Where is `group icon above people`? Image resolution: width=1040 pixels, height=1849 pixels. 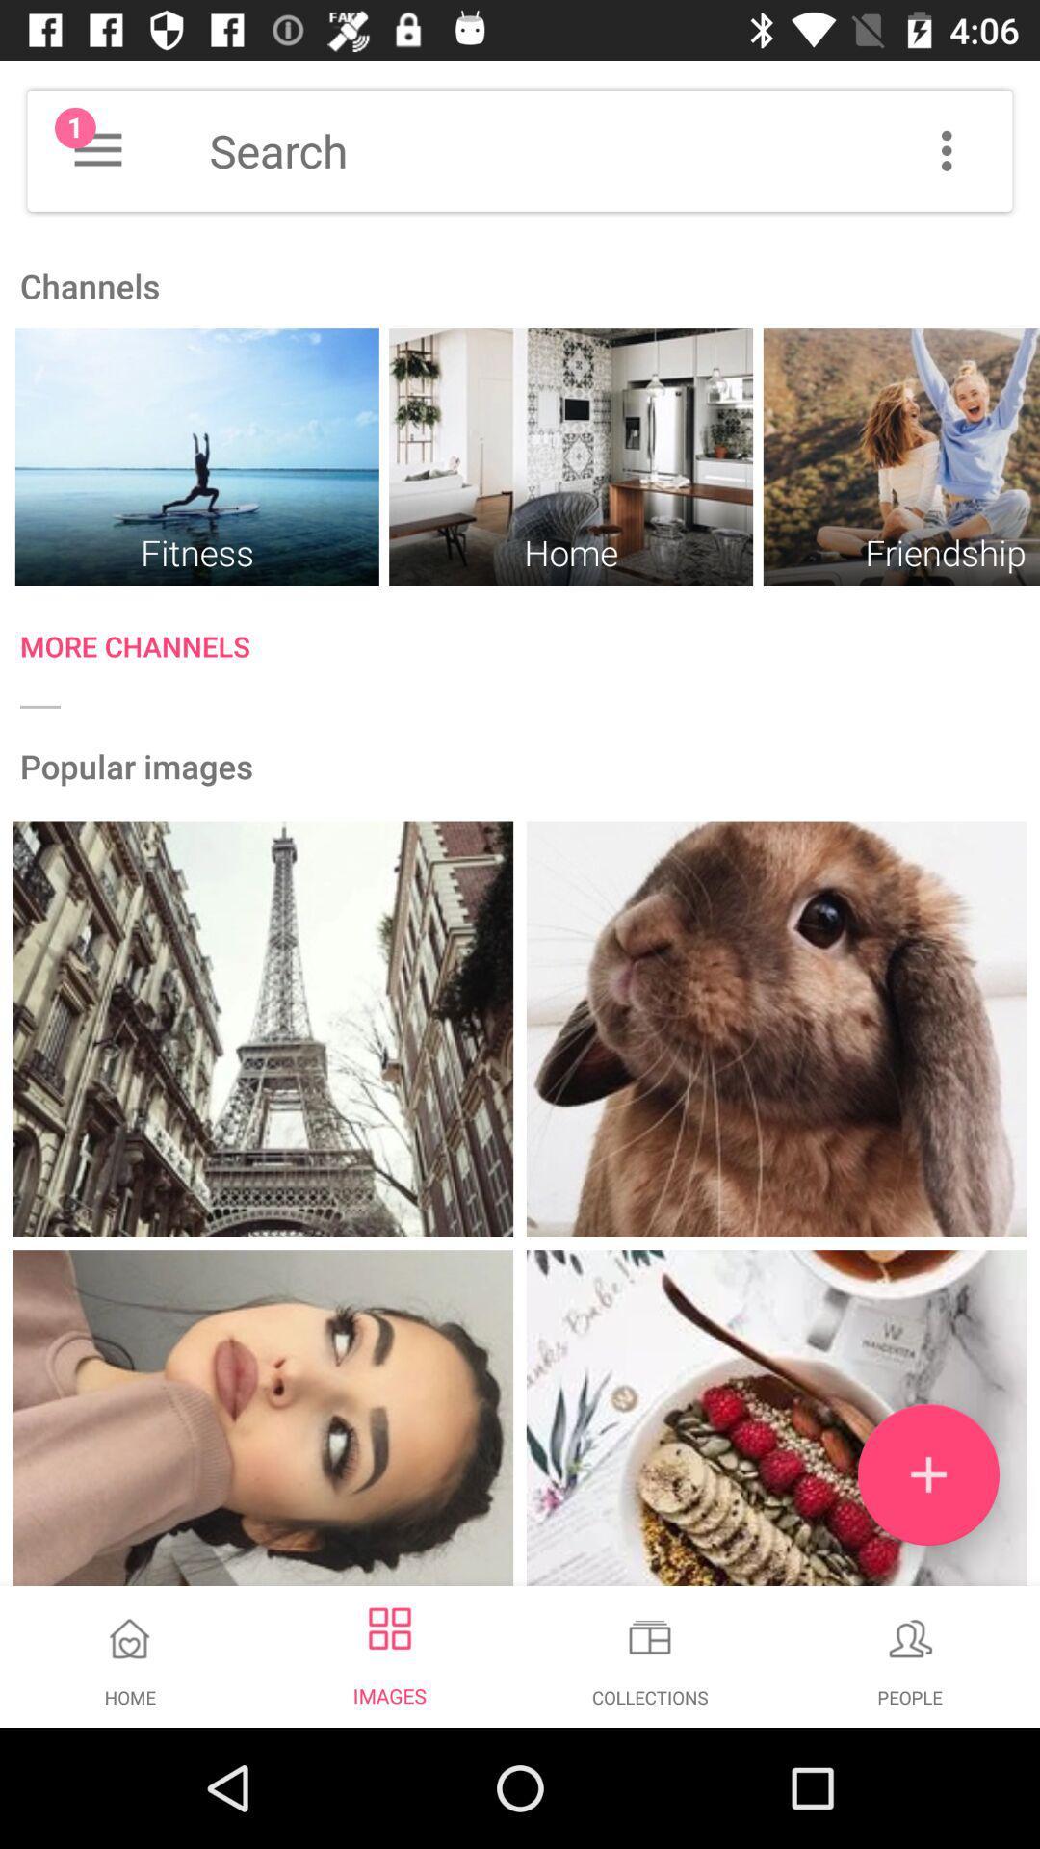 group icon above people is located at coordinates (910, 1637).